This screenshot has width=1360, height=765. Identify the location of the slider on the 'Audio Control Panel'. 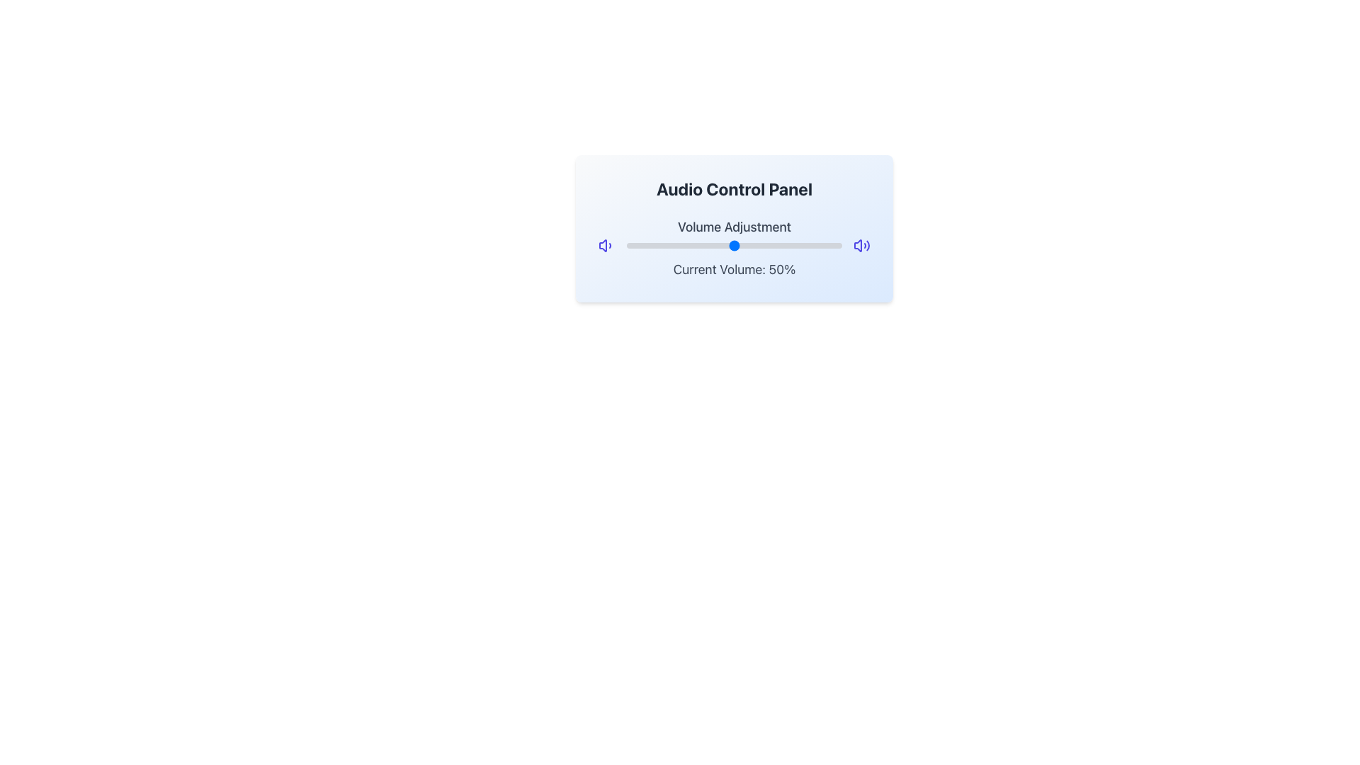
(734, 245).